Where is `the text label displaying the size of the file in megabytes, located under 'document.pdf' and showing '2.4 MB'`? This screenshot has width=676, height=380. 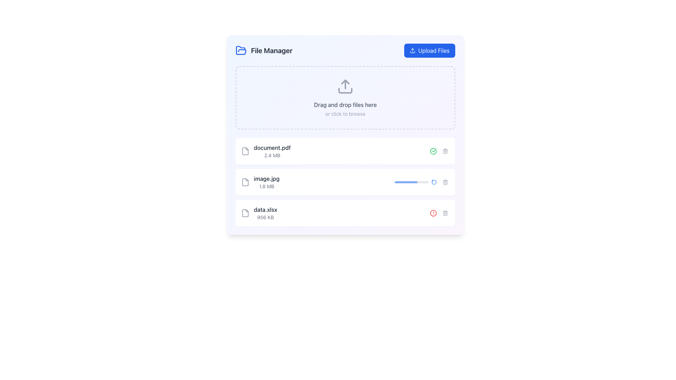 the text label displaying the size of the file in megabytes, located under 'document.pdf' and showing '2.4 MB' is located at coordinates (272, 155).